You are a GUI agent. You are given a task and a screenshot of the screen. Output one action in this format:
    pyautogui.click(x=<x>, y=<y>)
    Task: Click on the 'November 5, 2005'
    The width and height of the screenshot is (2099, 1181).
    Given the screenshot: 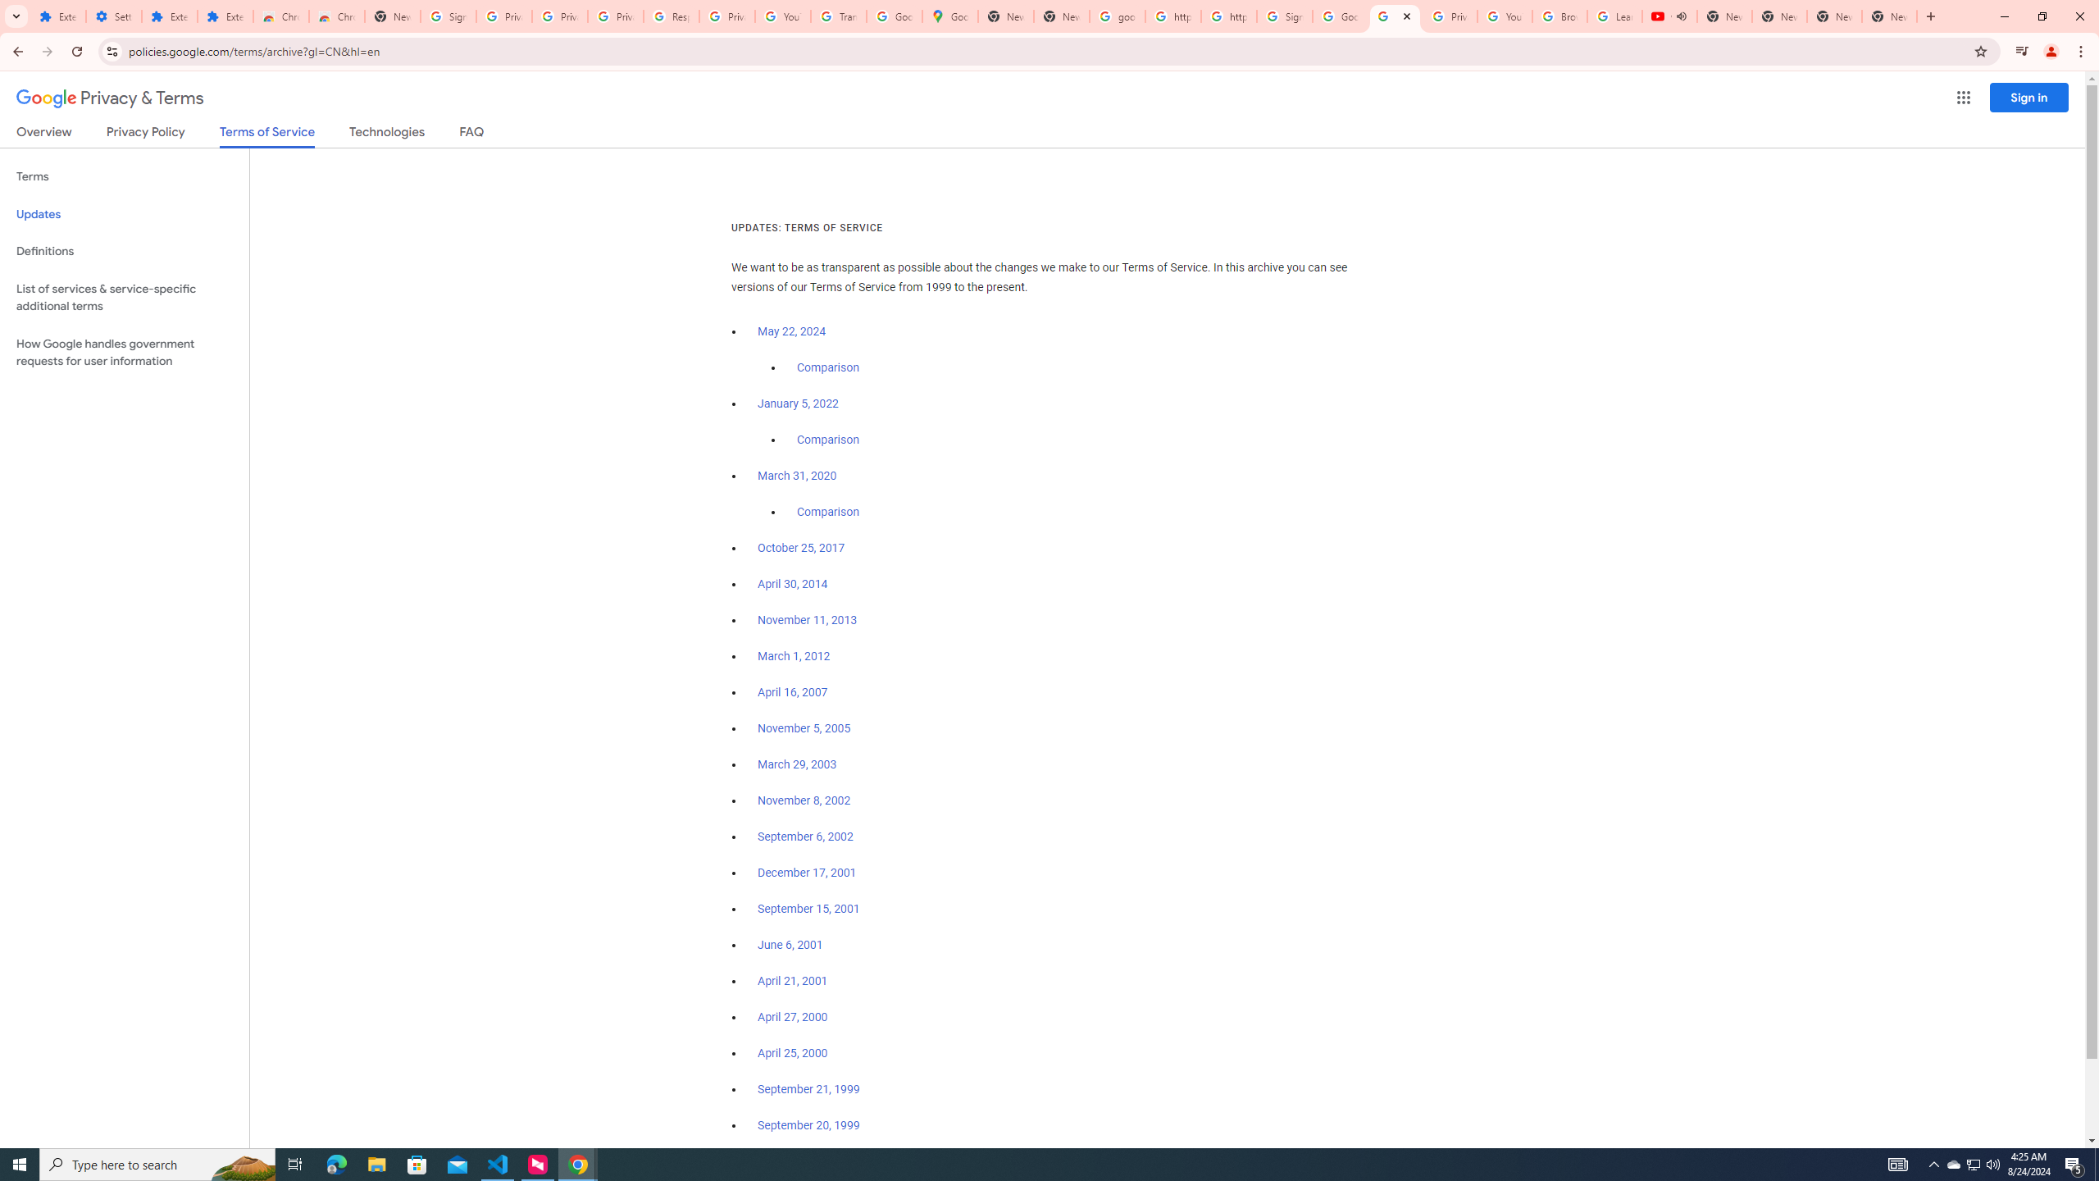 What is the action you would take?
    pyautogui.click(x=803, y=728)
    